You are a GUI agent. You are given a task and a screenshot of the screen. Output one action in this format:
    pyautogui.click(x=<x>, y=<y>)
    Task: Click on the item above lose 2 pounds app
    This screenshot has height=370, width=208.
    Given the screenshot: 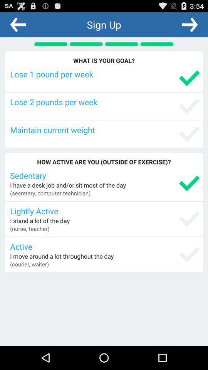 What is the action you would take?
    pyautogui.click(x=104, y=74)
    